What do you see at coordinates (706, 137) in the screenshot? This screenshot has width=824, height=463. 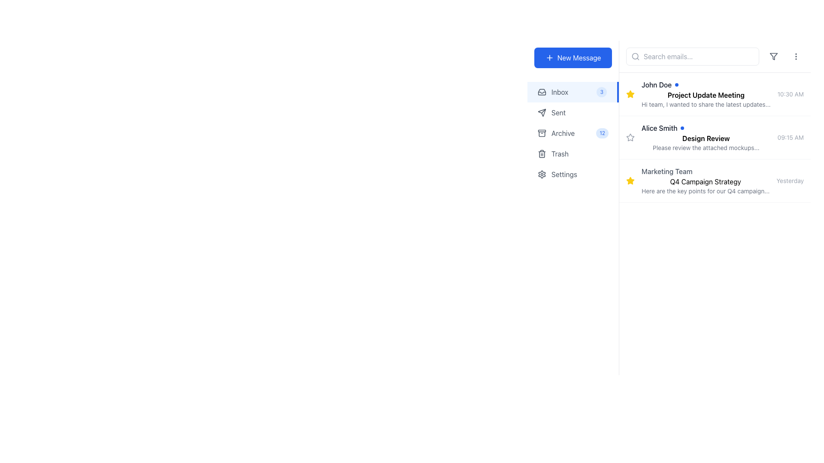 I see `the email preview section located in the right panel, specifically the second item in the email list` at bounding box center [706, 137].